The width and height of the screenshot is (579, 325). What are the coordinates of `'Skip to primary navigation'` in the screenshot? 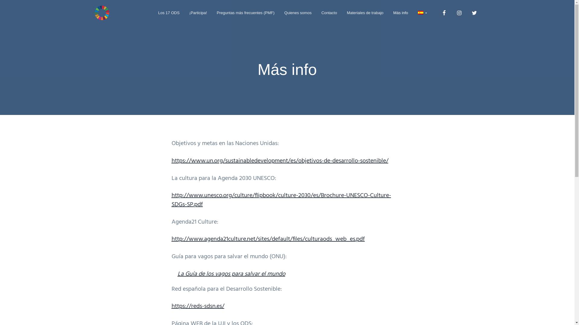 It's located at (0, 0).